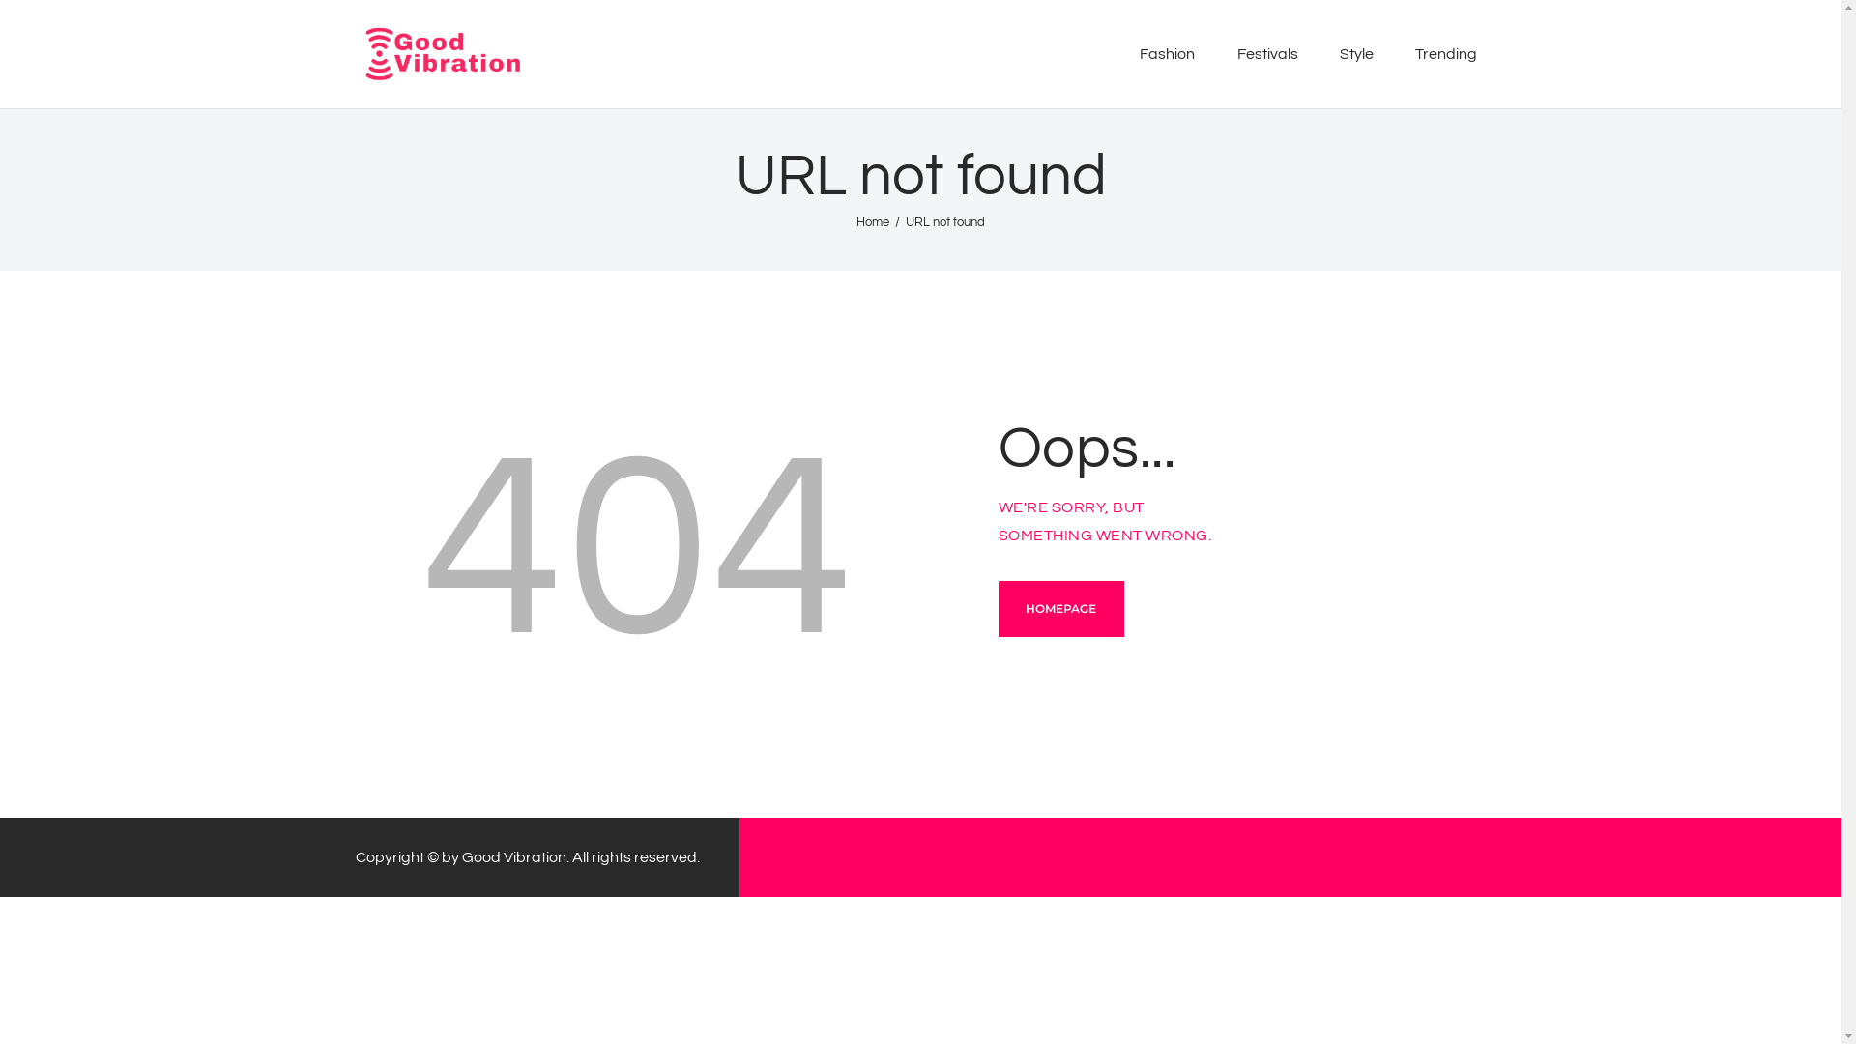  What do you see at coordinates (998, 607) in the screenshot?
I see `'HOMEPAGE'` at bounding box center [998, 607].